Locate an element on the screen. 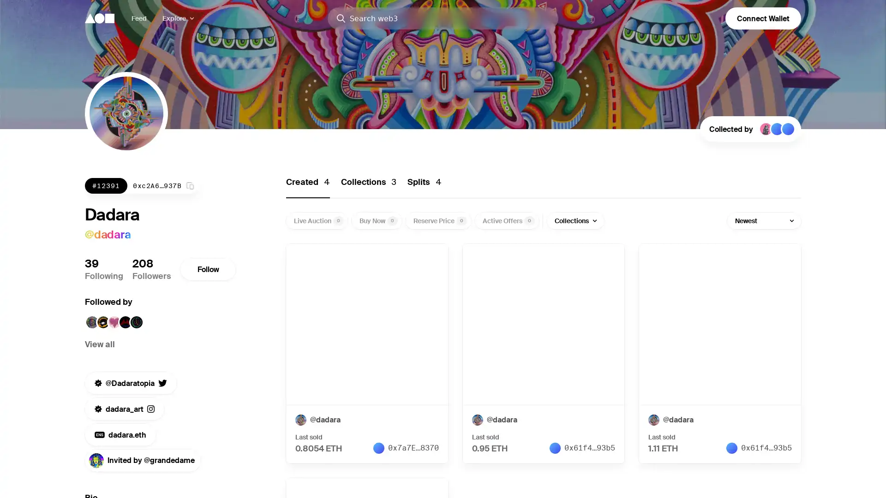 The height and width of the screenshot is (498, 886). Newest Newest is located at coordinates (764, 220).